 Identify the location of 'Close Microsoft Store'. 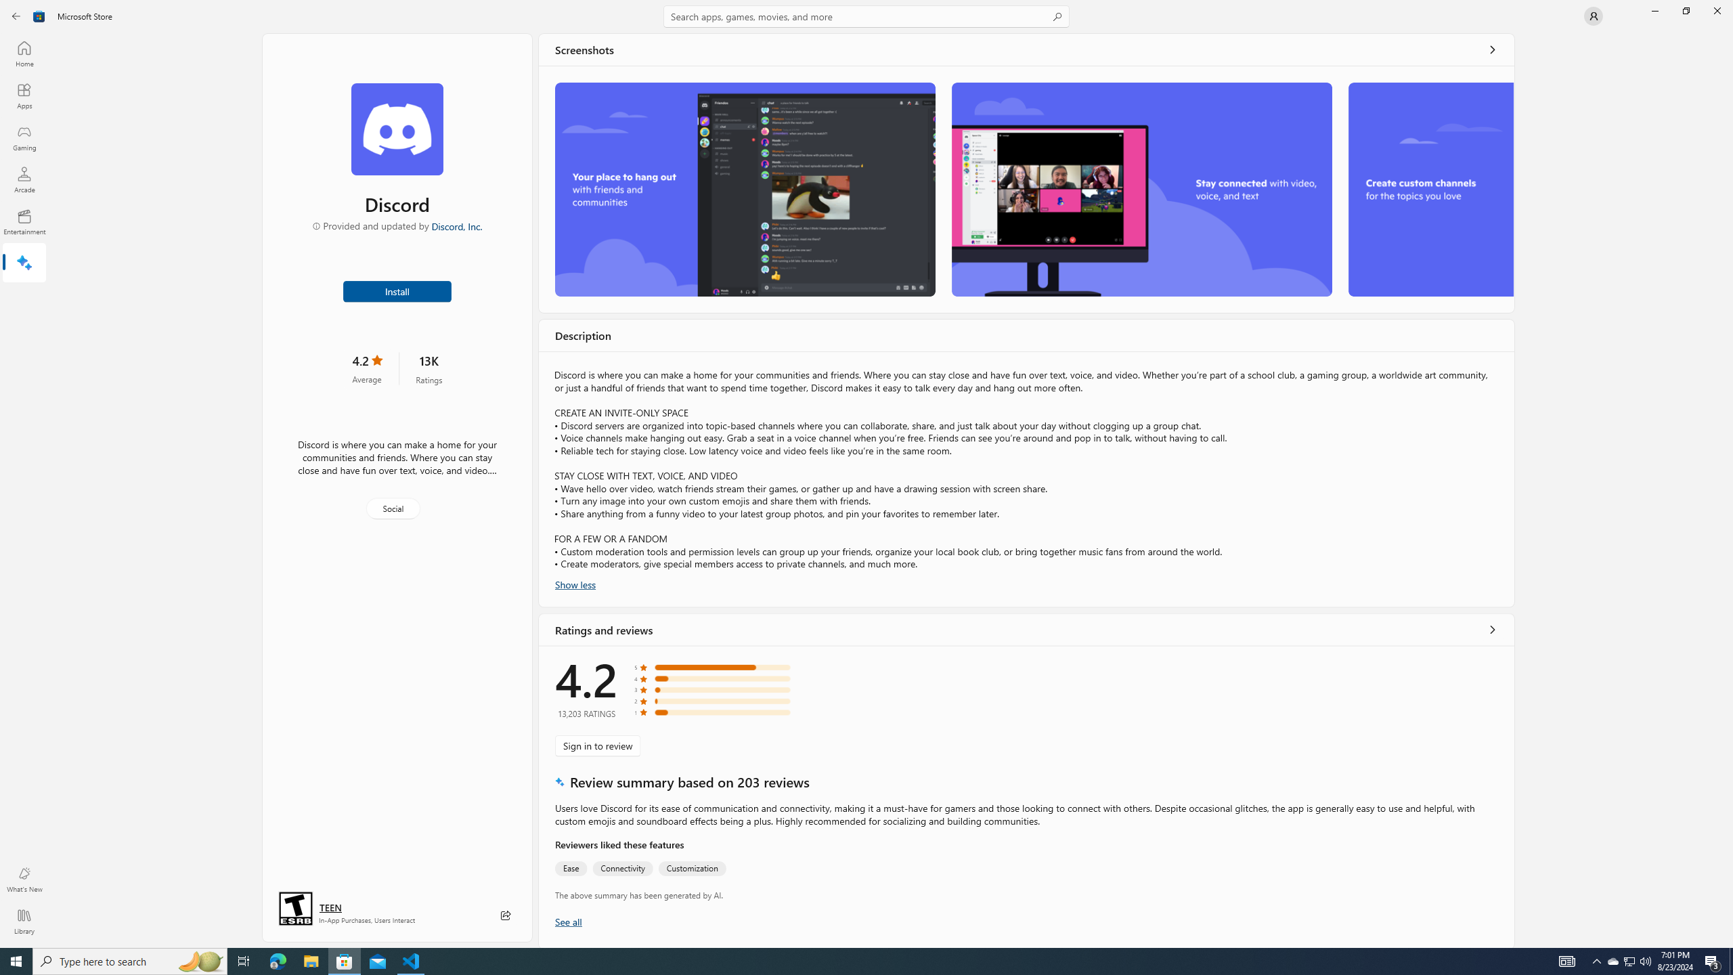
(1716, 10).